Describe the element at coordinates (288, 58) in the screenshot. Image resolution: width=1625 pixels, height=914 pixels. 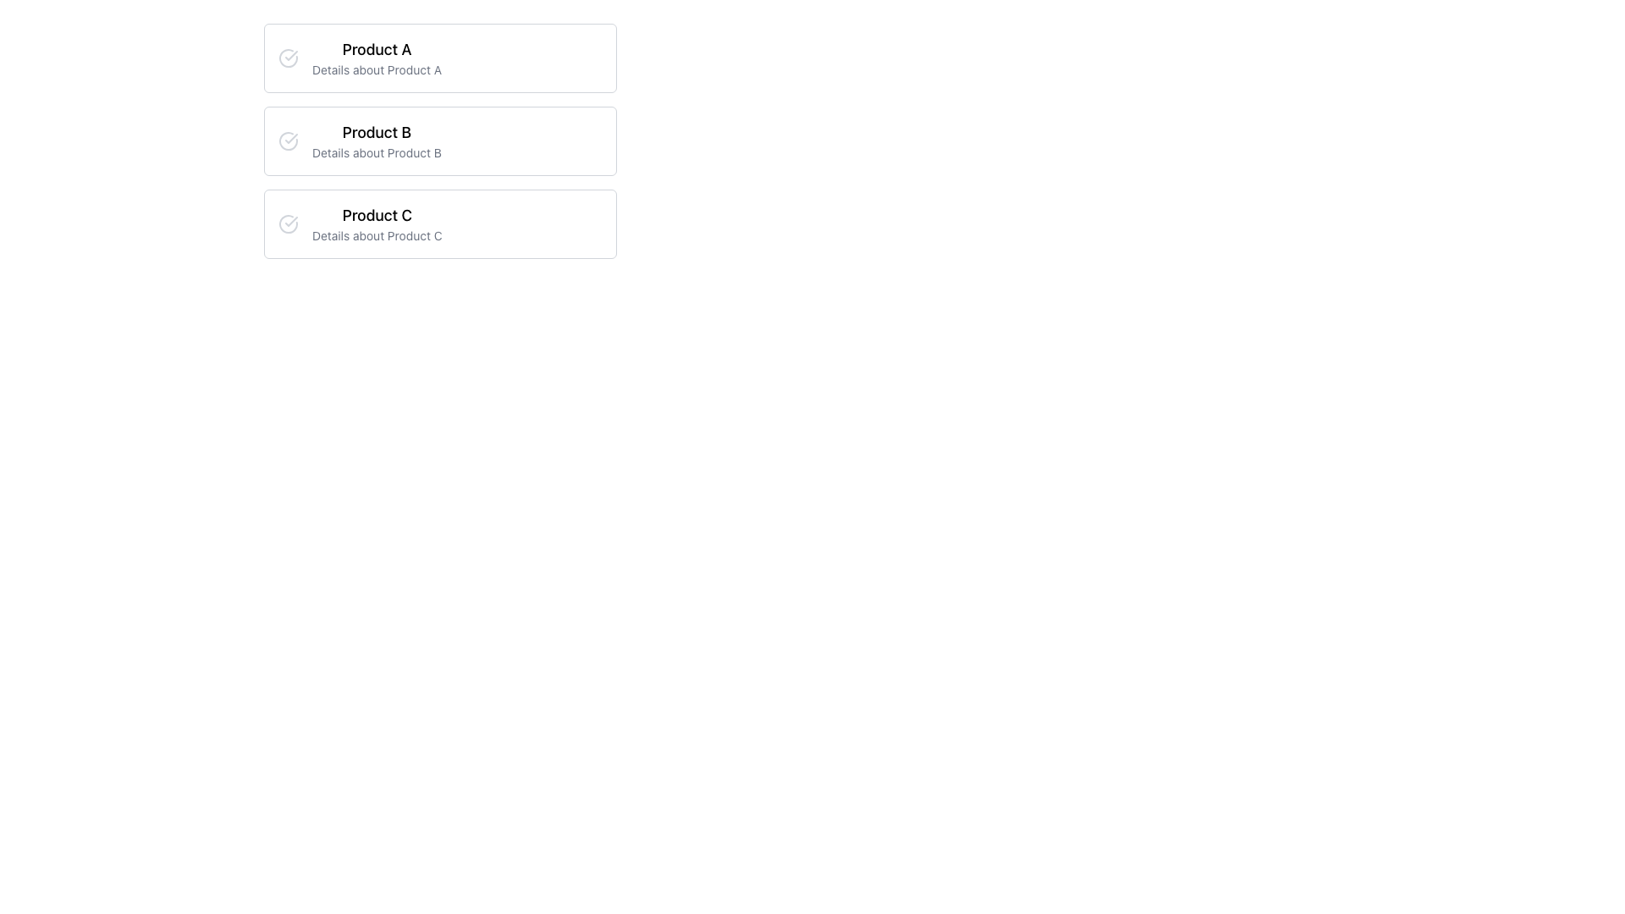
I see `the circular checkmark icon located to the left of the text 'Product A' in the upper section of the vertical list` at that location.